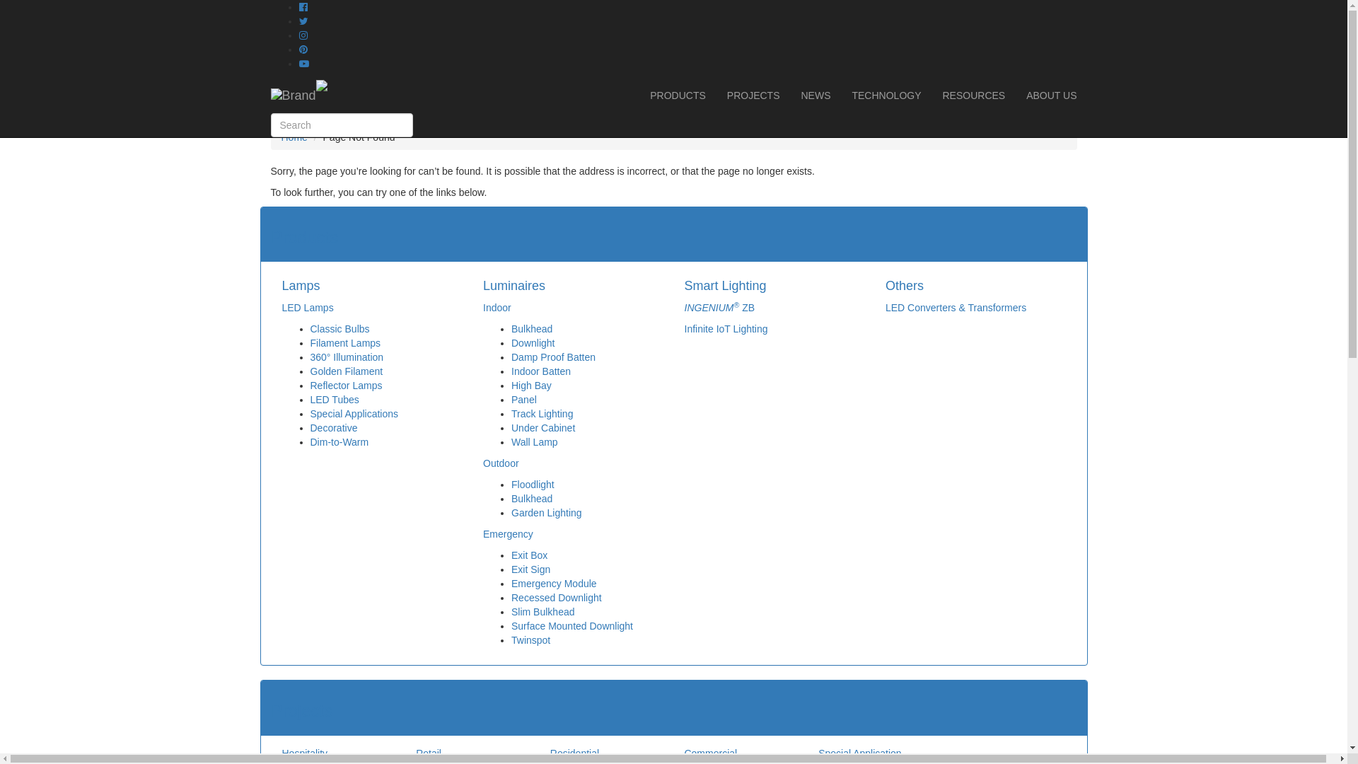 This screenshot has height=764, width=1358. What do you see at coordinates (497, 307) in the screenshot?
I see `'Indoor'` at bounding box center [497, 307].